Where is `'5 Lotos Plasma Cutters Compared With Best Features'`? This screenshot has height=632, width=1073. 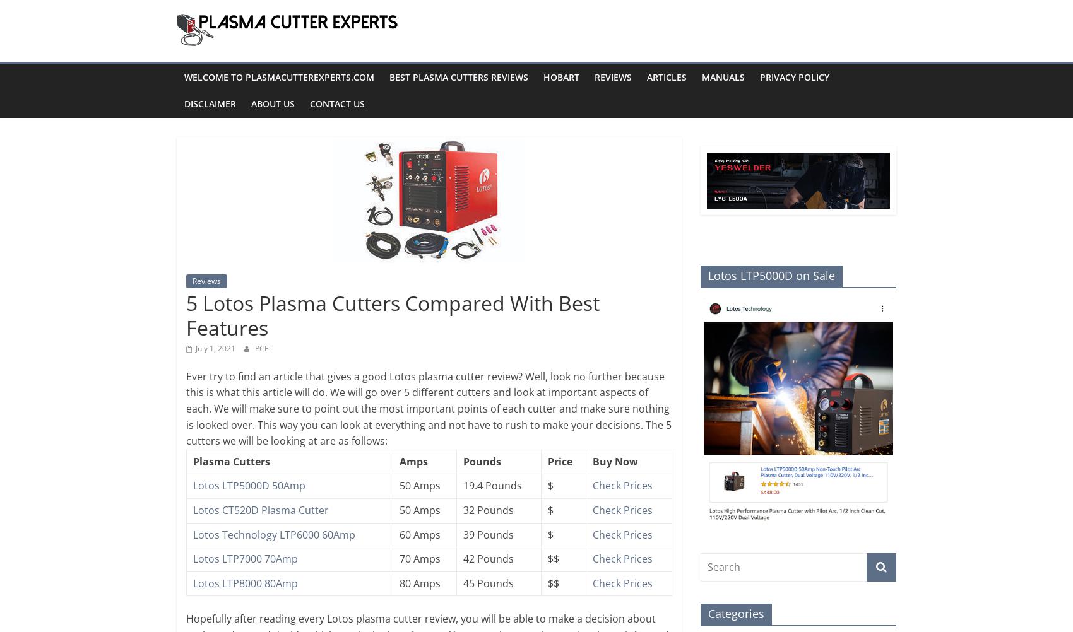 '5 Lotos Plasma Cutters Compared With Best Features' is located at coordinates (186, 314).